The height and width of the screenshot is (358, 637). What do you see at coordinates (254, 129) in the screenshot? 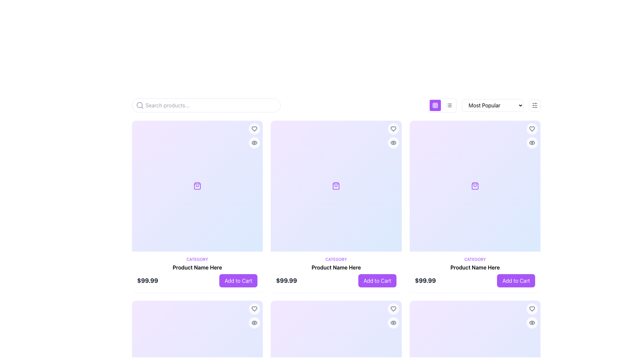
I see `the circular interactive button with a heart icon located in the top-right corner of the product card to favorite the item` at bounding box center [254, 129].